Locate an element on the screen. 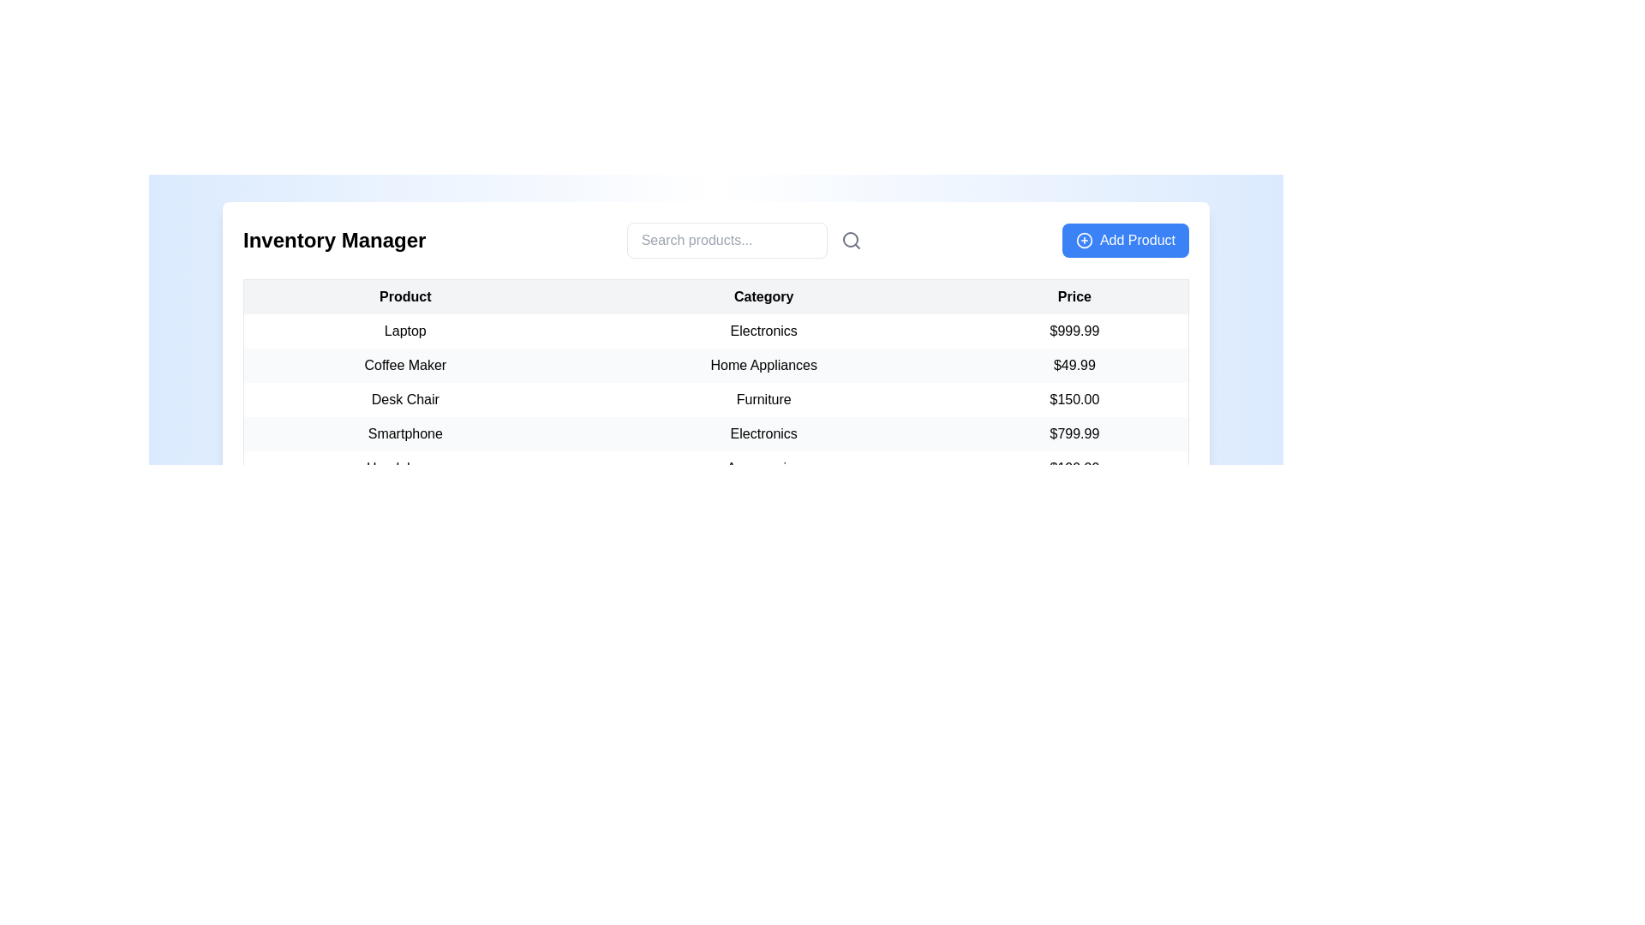 The width and height of the screenshot is (1645, 925). the search bar located centrally in the header section, which is used for filtering or finding specific products is located at coordinates (715, 241).